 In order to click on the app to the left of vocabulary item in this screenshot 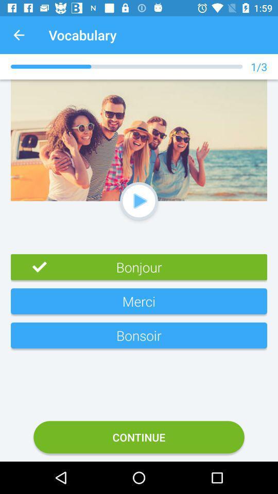, I will do `click(19, 35)`.